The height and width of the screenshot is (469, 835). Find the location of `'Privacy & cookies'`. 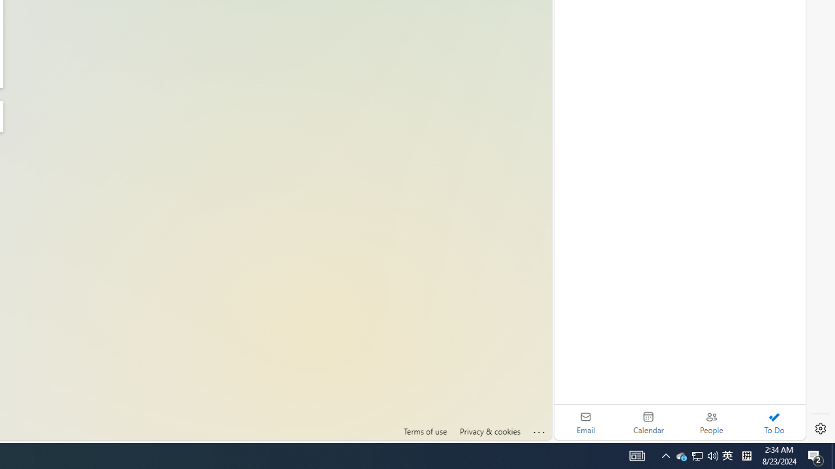

'Privacy & cookies' is located at coordinates (489, 431).